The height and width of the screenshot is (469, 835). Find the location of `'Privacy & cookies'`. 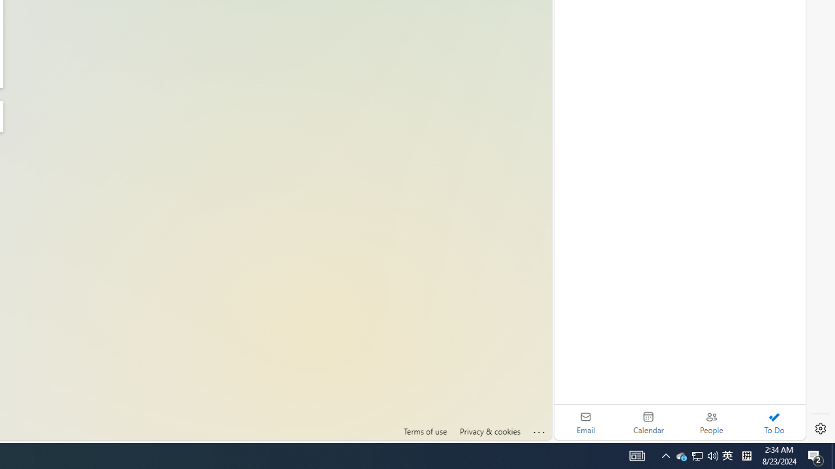

'Privacy & cookies' is located at coordinates (489, 431).